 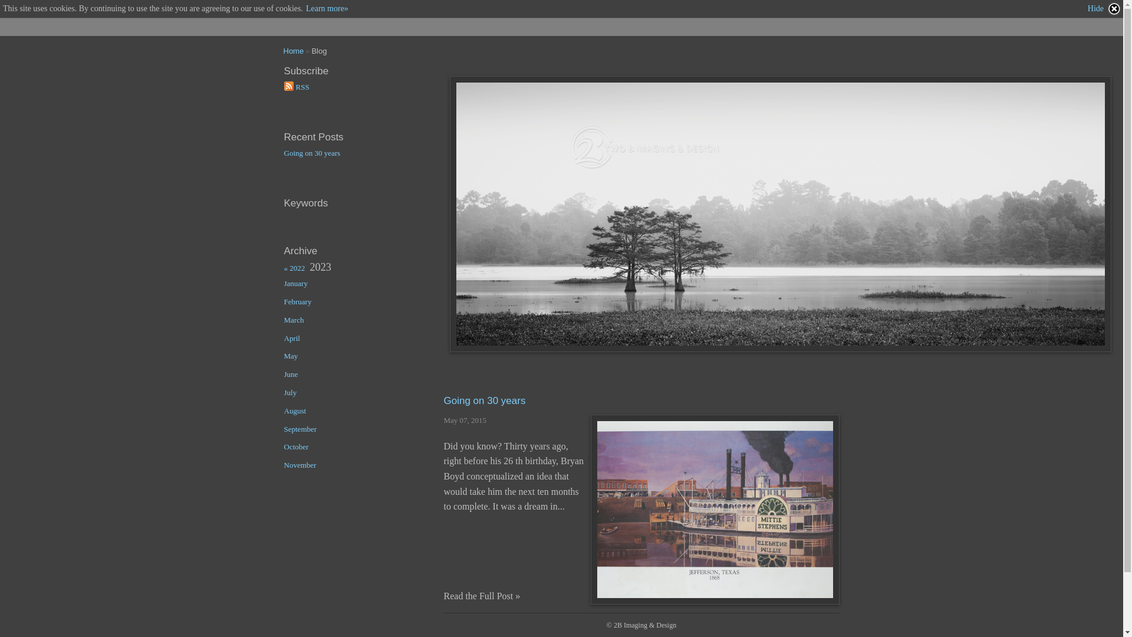 What do you see at coordinates (293, 50) in the screenshot?
I see `'Home'` at bounding box center [293, 50].